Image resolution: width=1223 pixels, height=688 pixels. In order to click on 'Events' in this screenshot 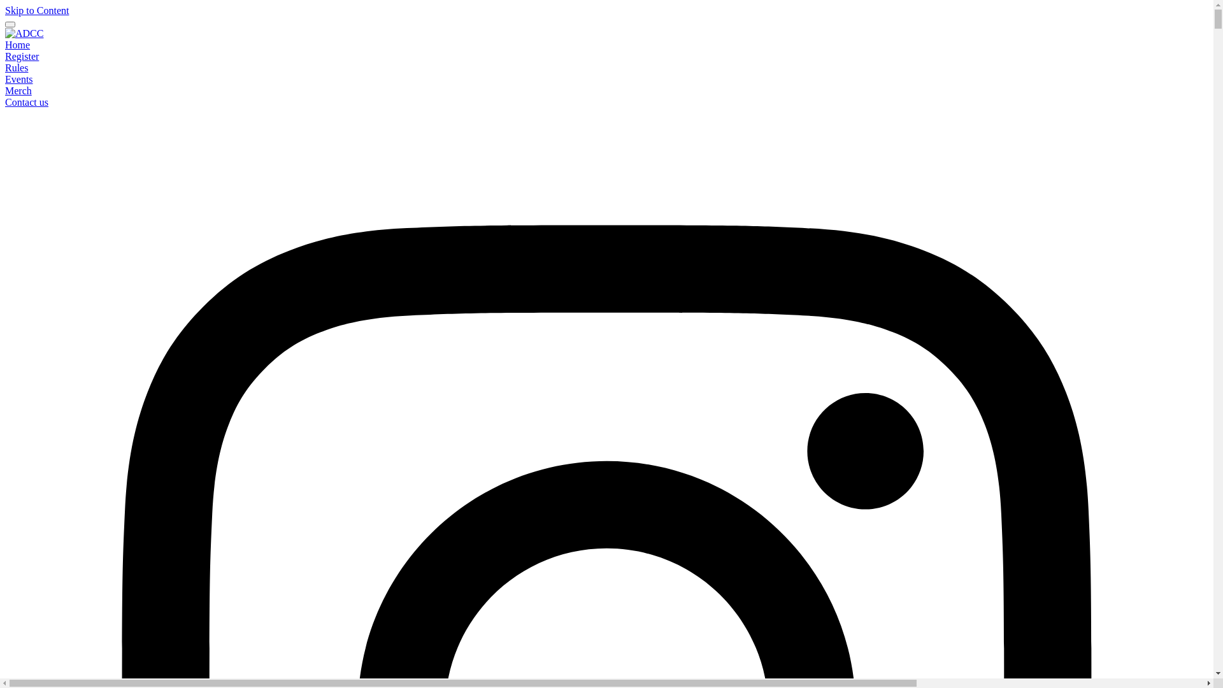, I will do `click(18, 79)`.